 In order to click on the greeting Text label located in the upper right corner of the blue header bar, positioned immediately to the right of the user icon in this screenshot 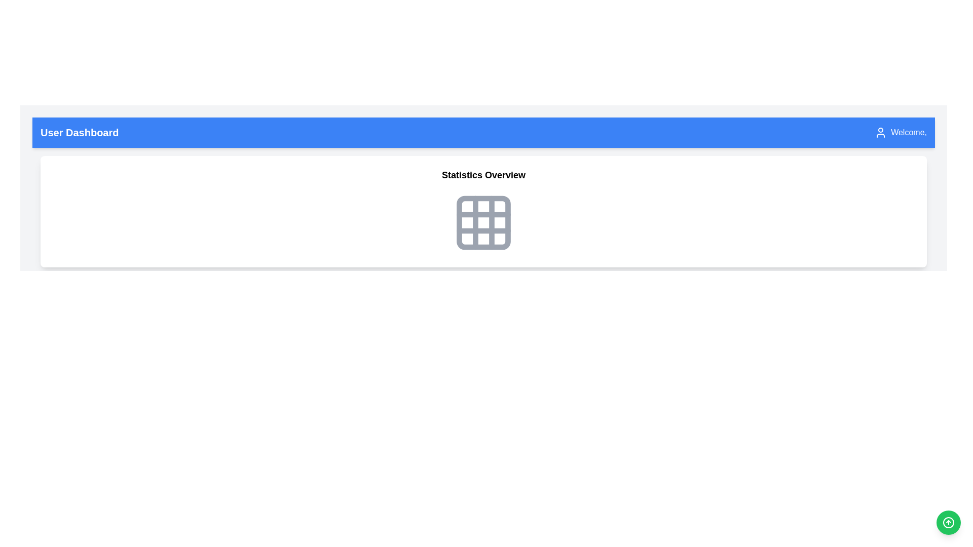, I will do `click(909, 132)`.